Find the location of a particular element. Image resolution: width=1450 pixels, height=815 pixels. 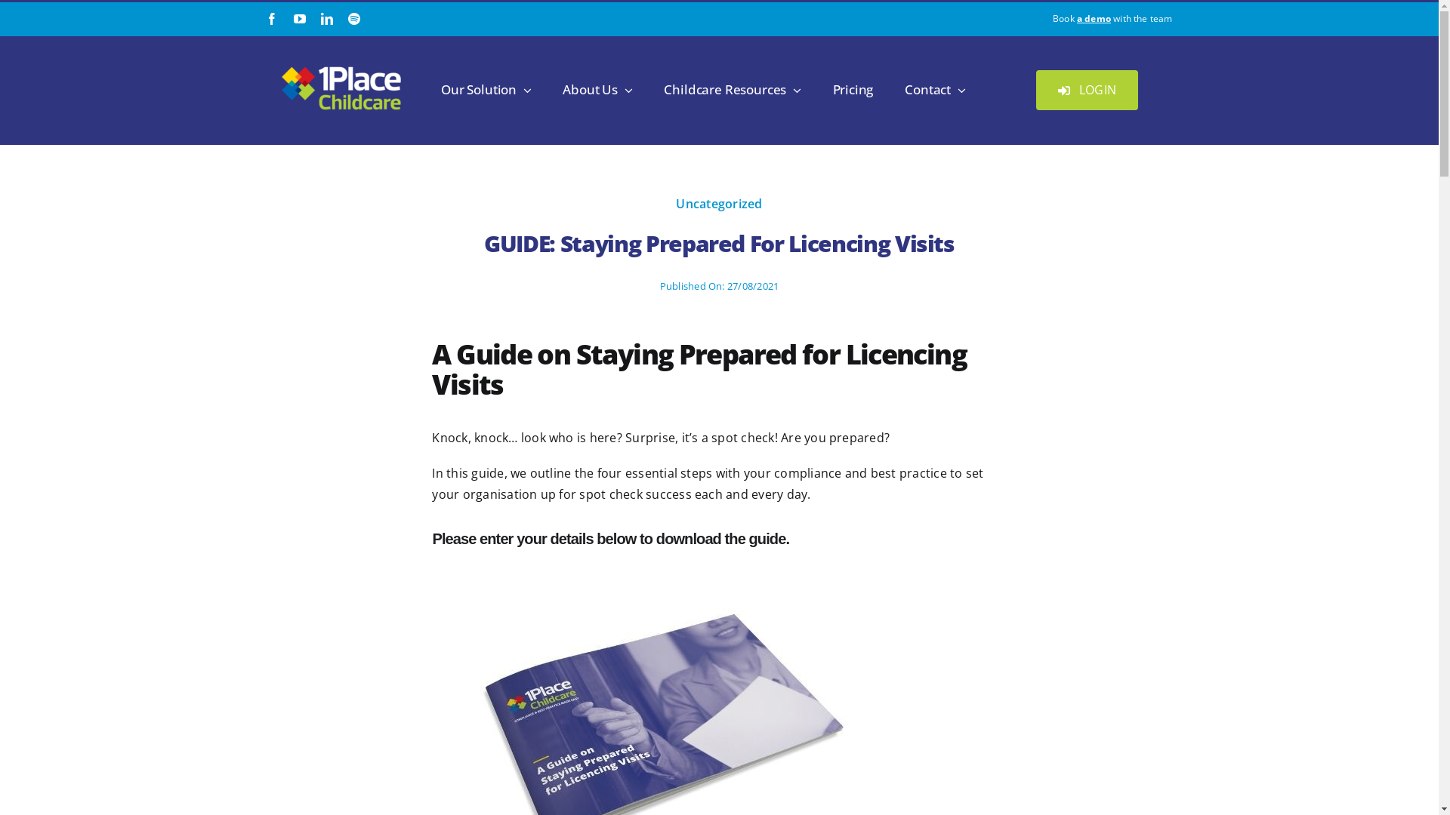

'About Us' is located at coordinates (597, 90).